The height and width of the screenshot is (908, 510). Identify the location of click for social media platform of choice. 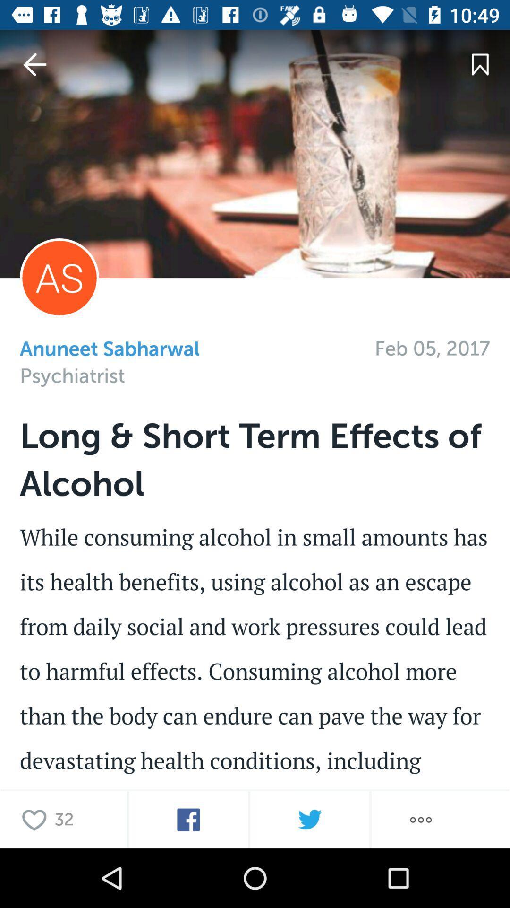
(255, 682).